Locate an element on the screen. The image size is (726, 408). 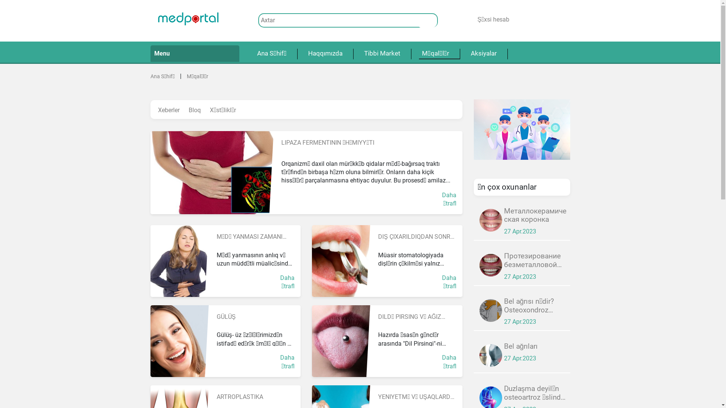
'Tibbi Market' is located at coordinates (382, 53).